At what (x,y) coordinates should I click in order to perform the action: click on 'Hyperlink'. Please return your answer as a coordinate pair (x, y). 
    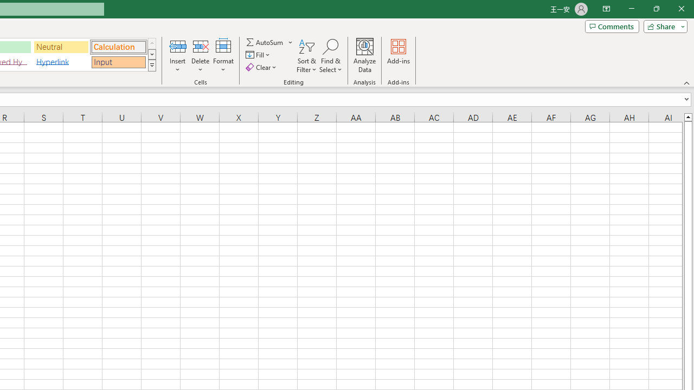
    Looking at the image, I should click on (61, 62).